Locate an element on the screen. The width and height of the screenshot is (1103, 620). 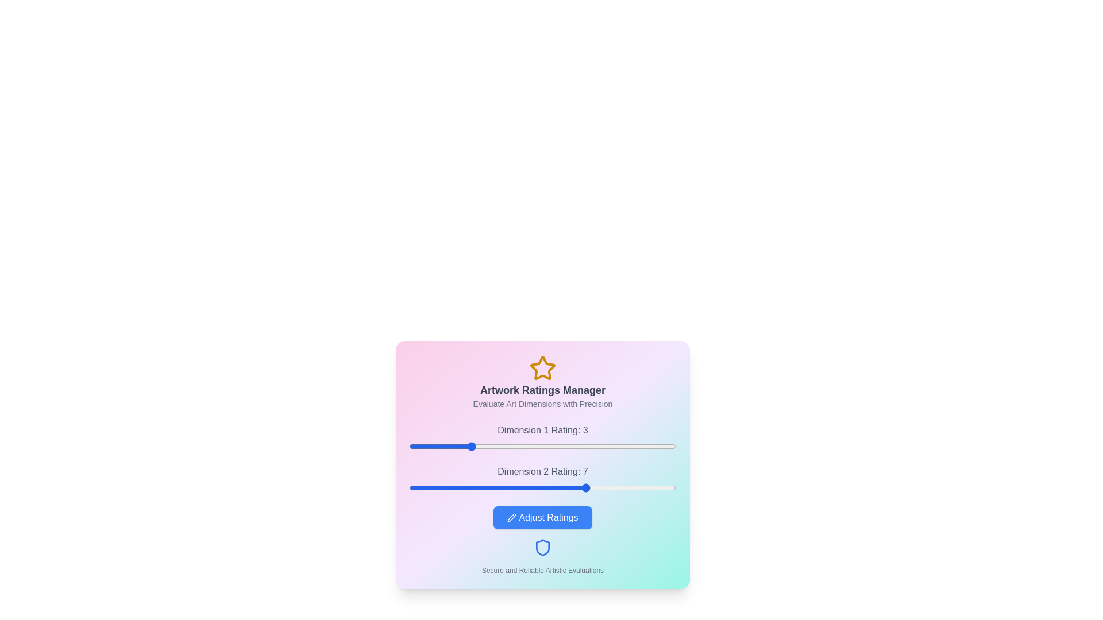
the first dimension rating to 3 by moving the slider is located at coordinates (469, 446).